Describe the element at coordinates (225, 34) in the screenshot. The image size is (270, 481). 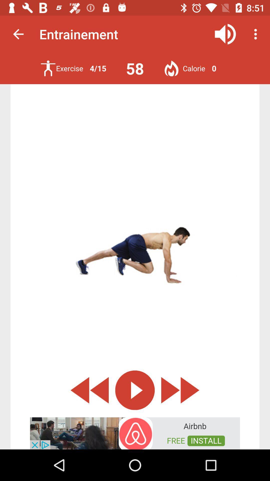
I see `audio button` at that location.